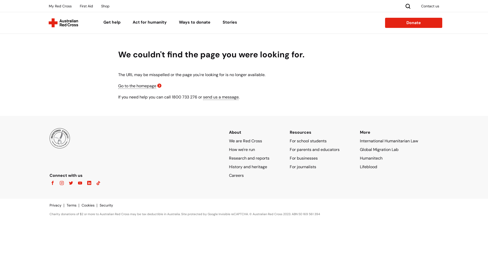  Describe the element at coordinates (414, 22) in the screenshot. I see `'Donate'` at that location.